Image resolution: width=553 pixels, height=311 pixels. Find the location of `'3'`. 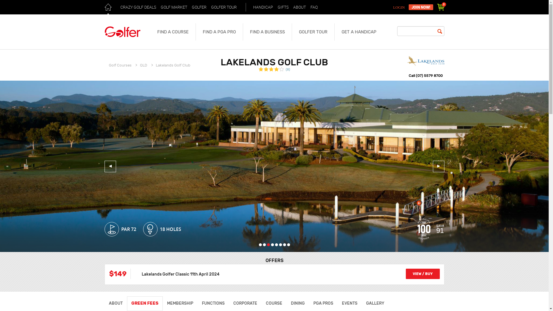

'3' is located at coordinates (268, 244).